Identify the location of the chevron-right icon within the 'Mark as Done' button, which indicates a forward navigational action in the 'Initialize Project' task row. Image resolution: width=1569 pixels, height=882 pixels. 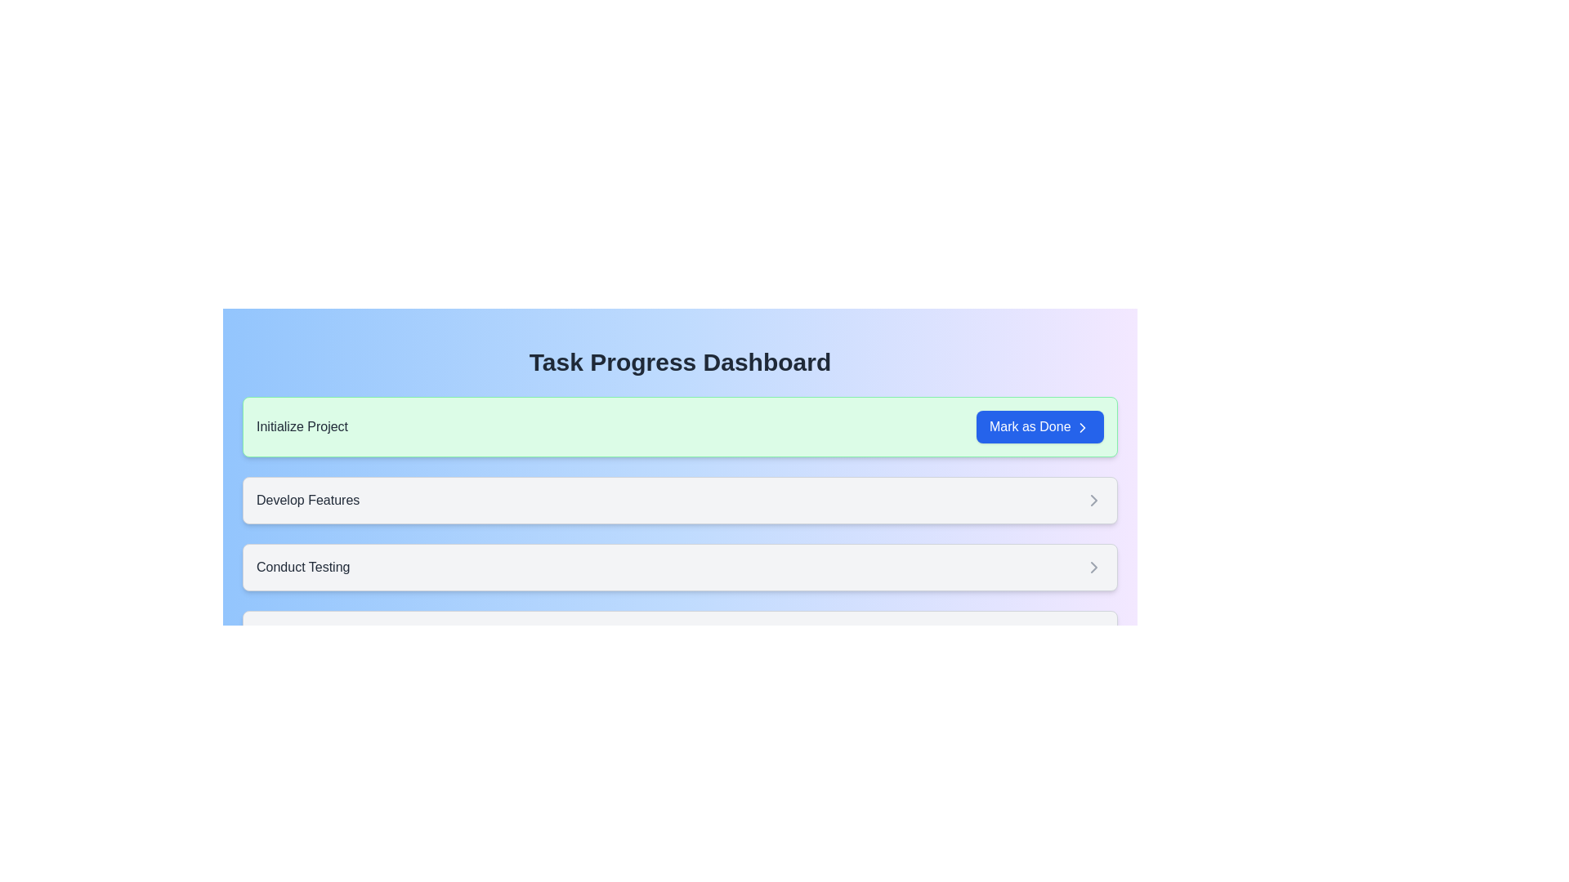
(1082, 426).